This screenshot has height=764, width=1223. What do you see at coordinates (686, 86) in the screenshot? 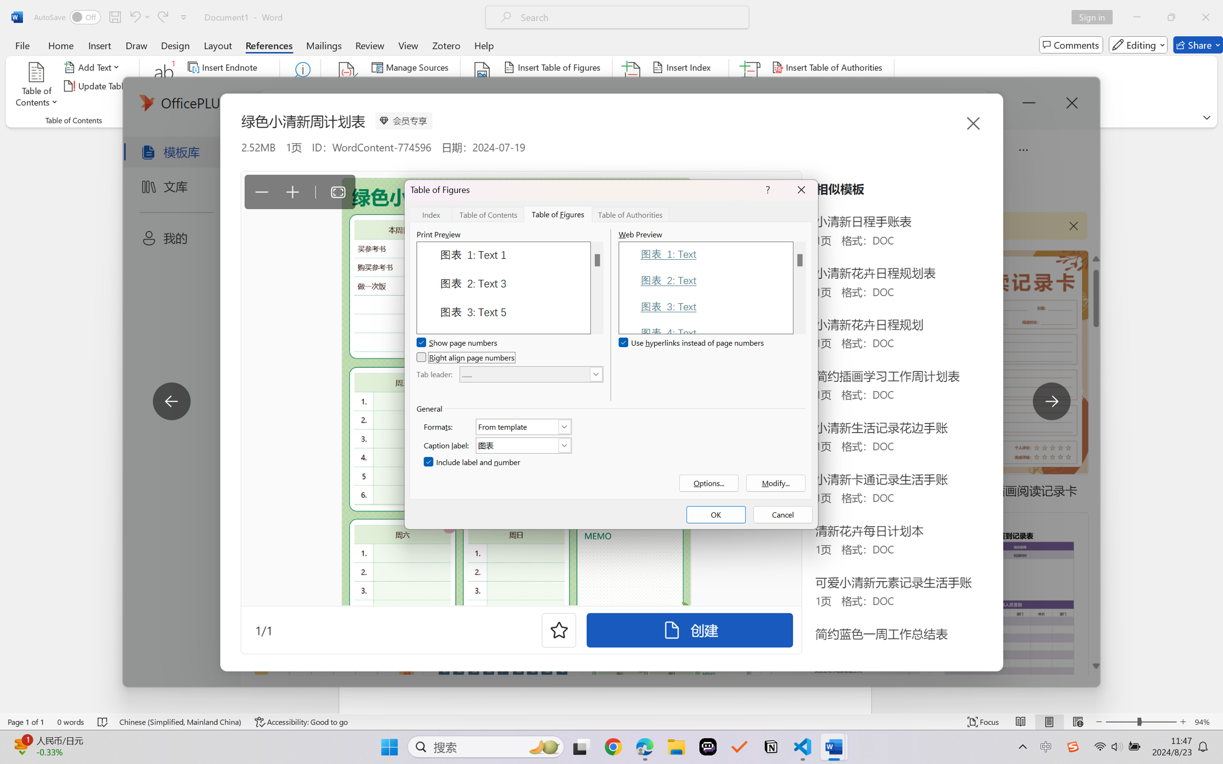
I see `'Update Index'` at bounding box center [686, 86].